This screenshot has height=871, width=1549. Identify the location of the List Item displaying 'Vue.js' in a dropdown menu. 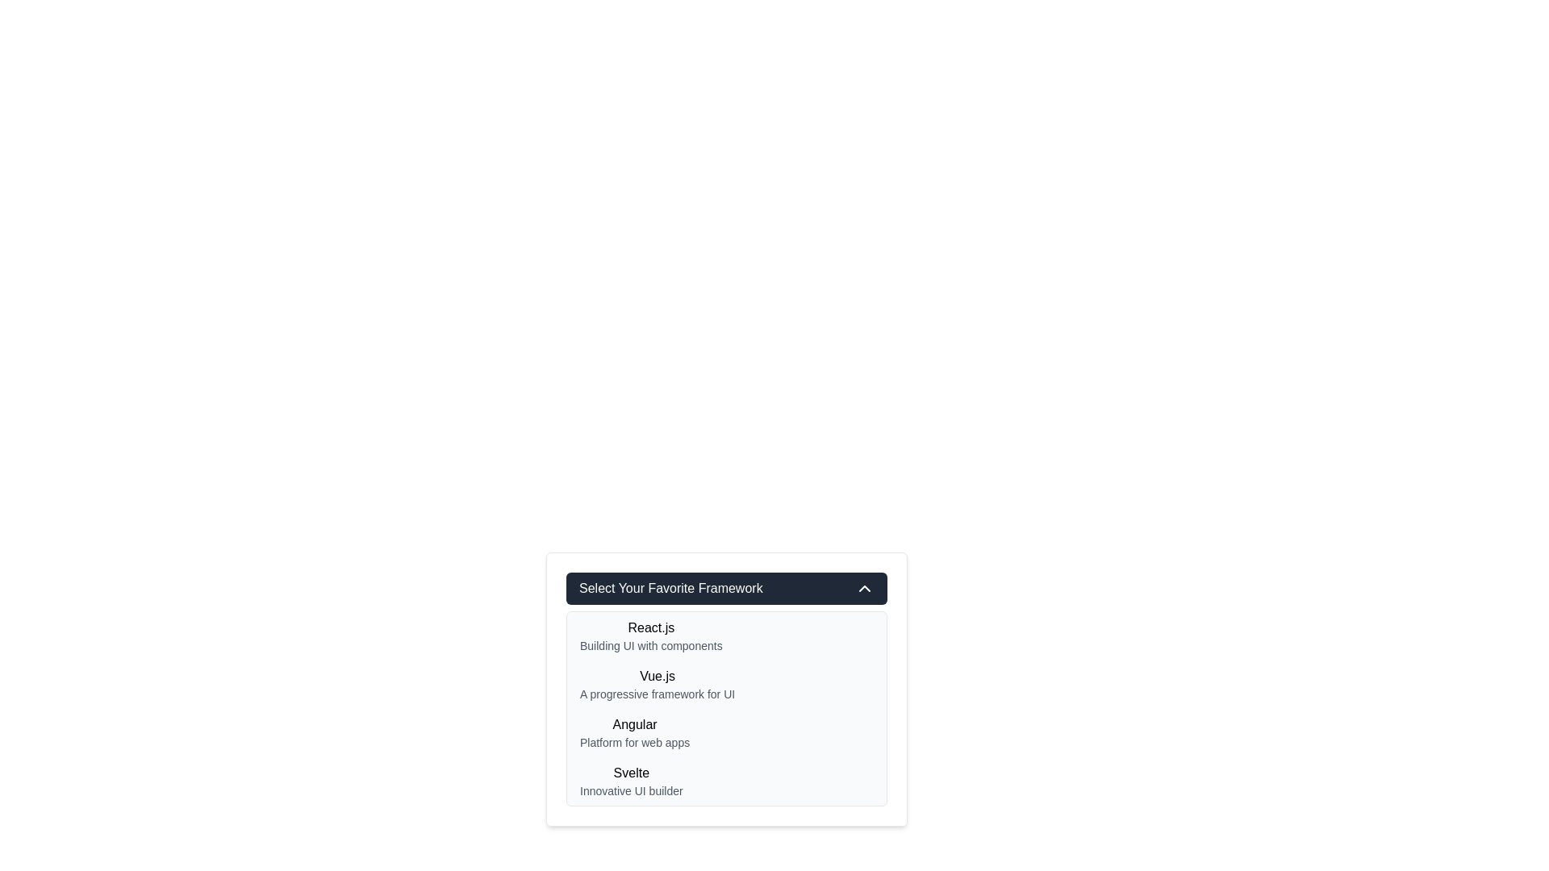
(658, 684).